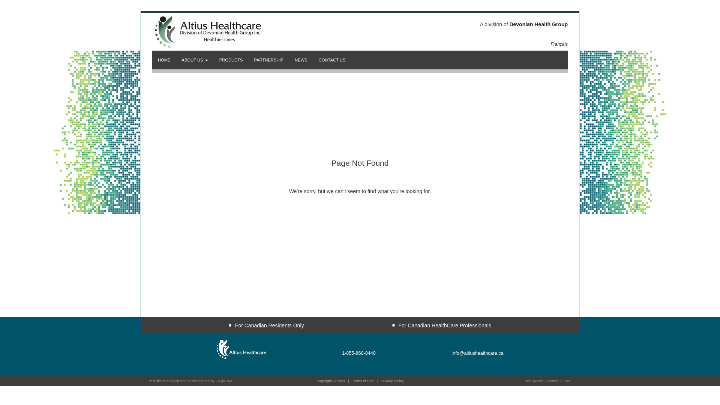  What do you see at coordinates (441, 325) in the screenshot?
I see `'For Canadian HealthCare Professionals'` at bounding box center [441, 325].